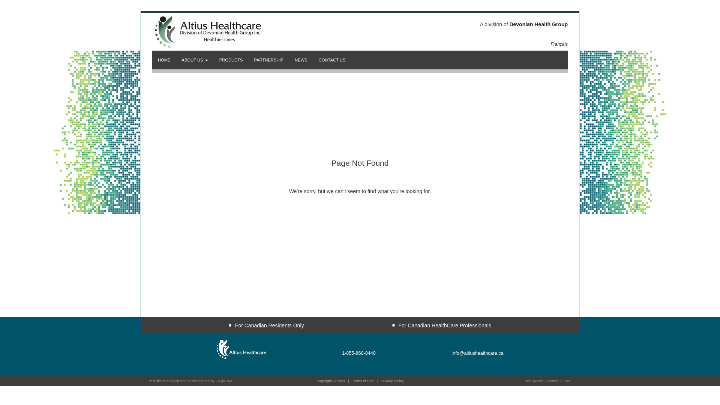  What do you see at coordinates (441, 325) in the screenshot?
I see `'For Canadian HealthCare Professionals'` at bounding box center [441, 325].